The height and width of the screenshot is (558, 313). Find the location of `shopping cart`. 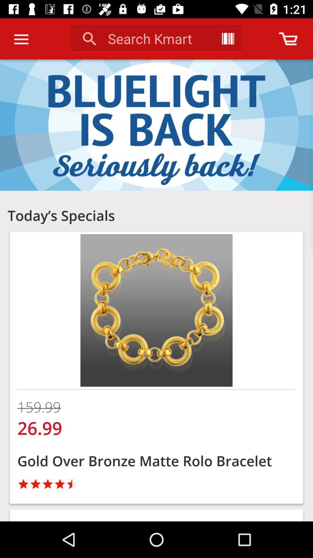

shopping cart is located at coordinates (288, 38).